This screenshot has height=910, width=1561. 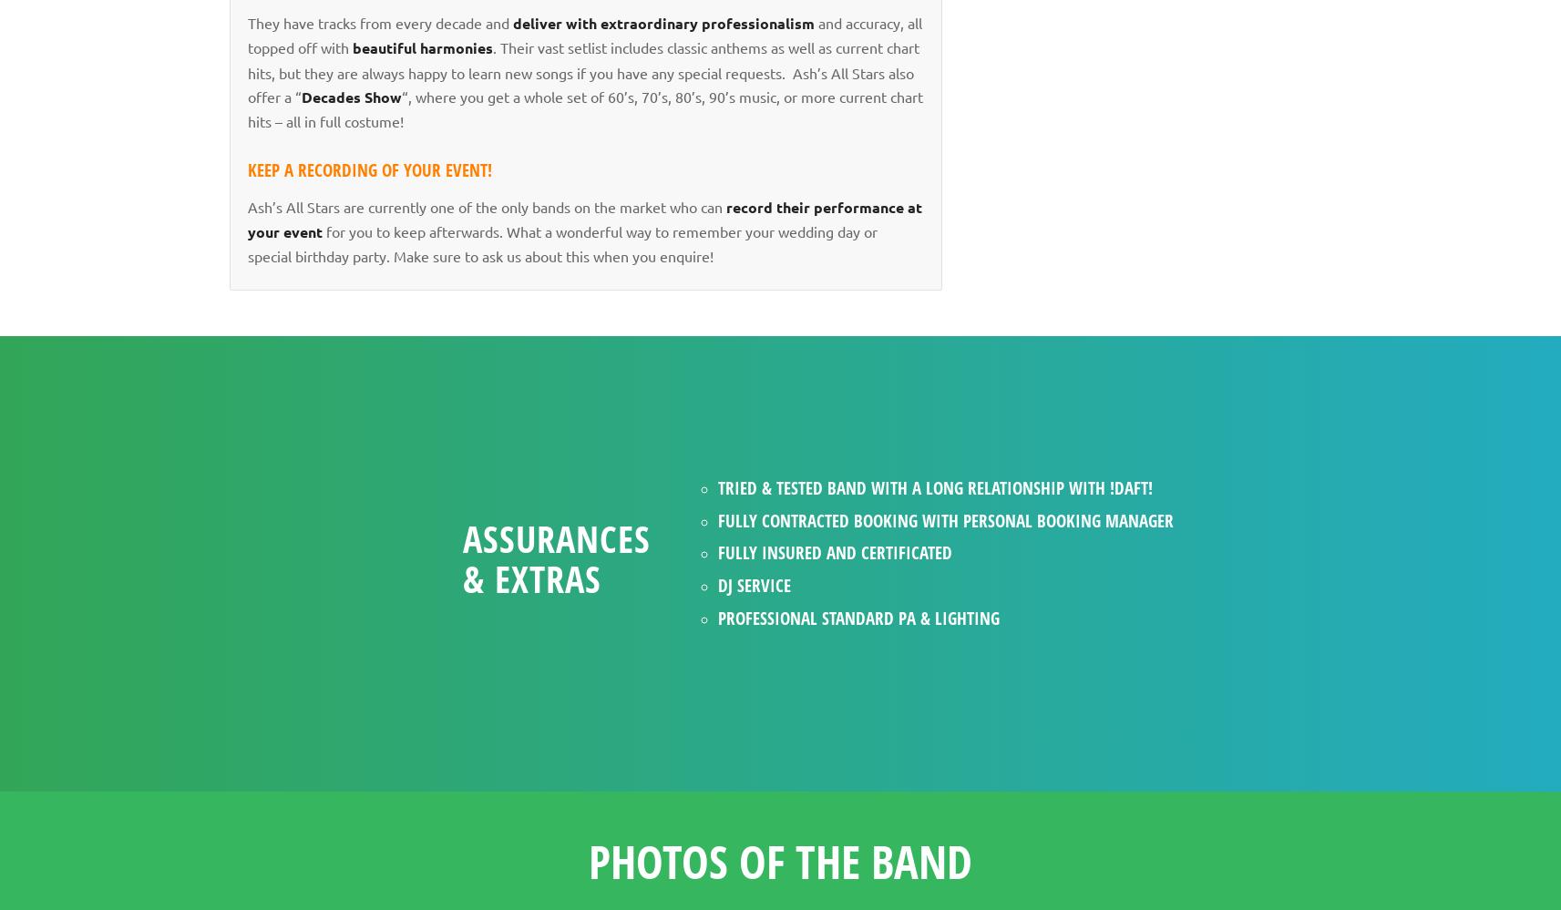 I want to click on 'Ash’s All Stars are currently one of the only bands on the market who can', so click(x=246, y=205).